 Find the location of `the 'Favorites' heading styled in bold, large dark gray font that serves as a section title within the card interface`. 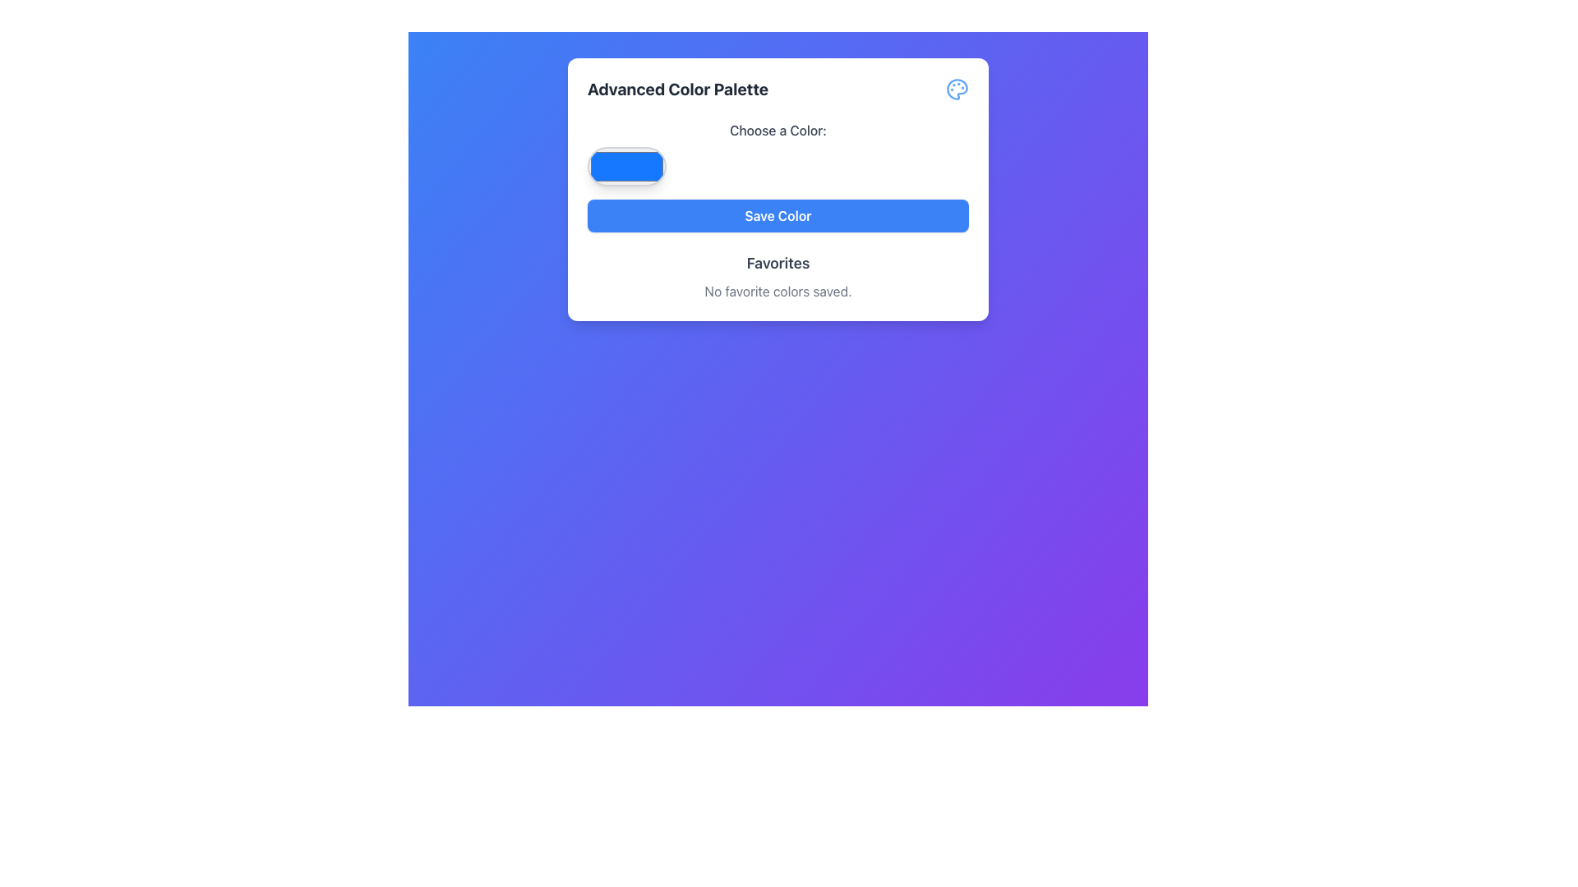

the 'Favorites' heading styled in bold, large dark gray font that serves as a section title within the card interface is located at coordinates (777, 262).